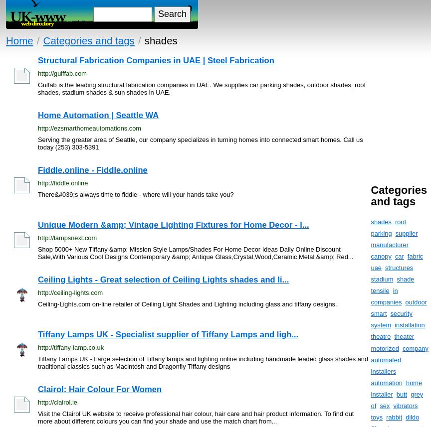 Image resolution: width=431 pixels, height=427 pixels. Describe the element at coordinates (61, 73) in the screenshot. I see `'http://gulffab.com'` at that location.